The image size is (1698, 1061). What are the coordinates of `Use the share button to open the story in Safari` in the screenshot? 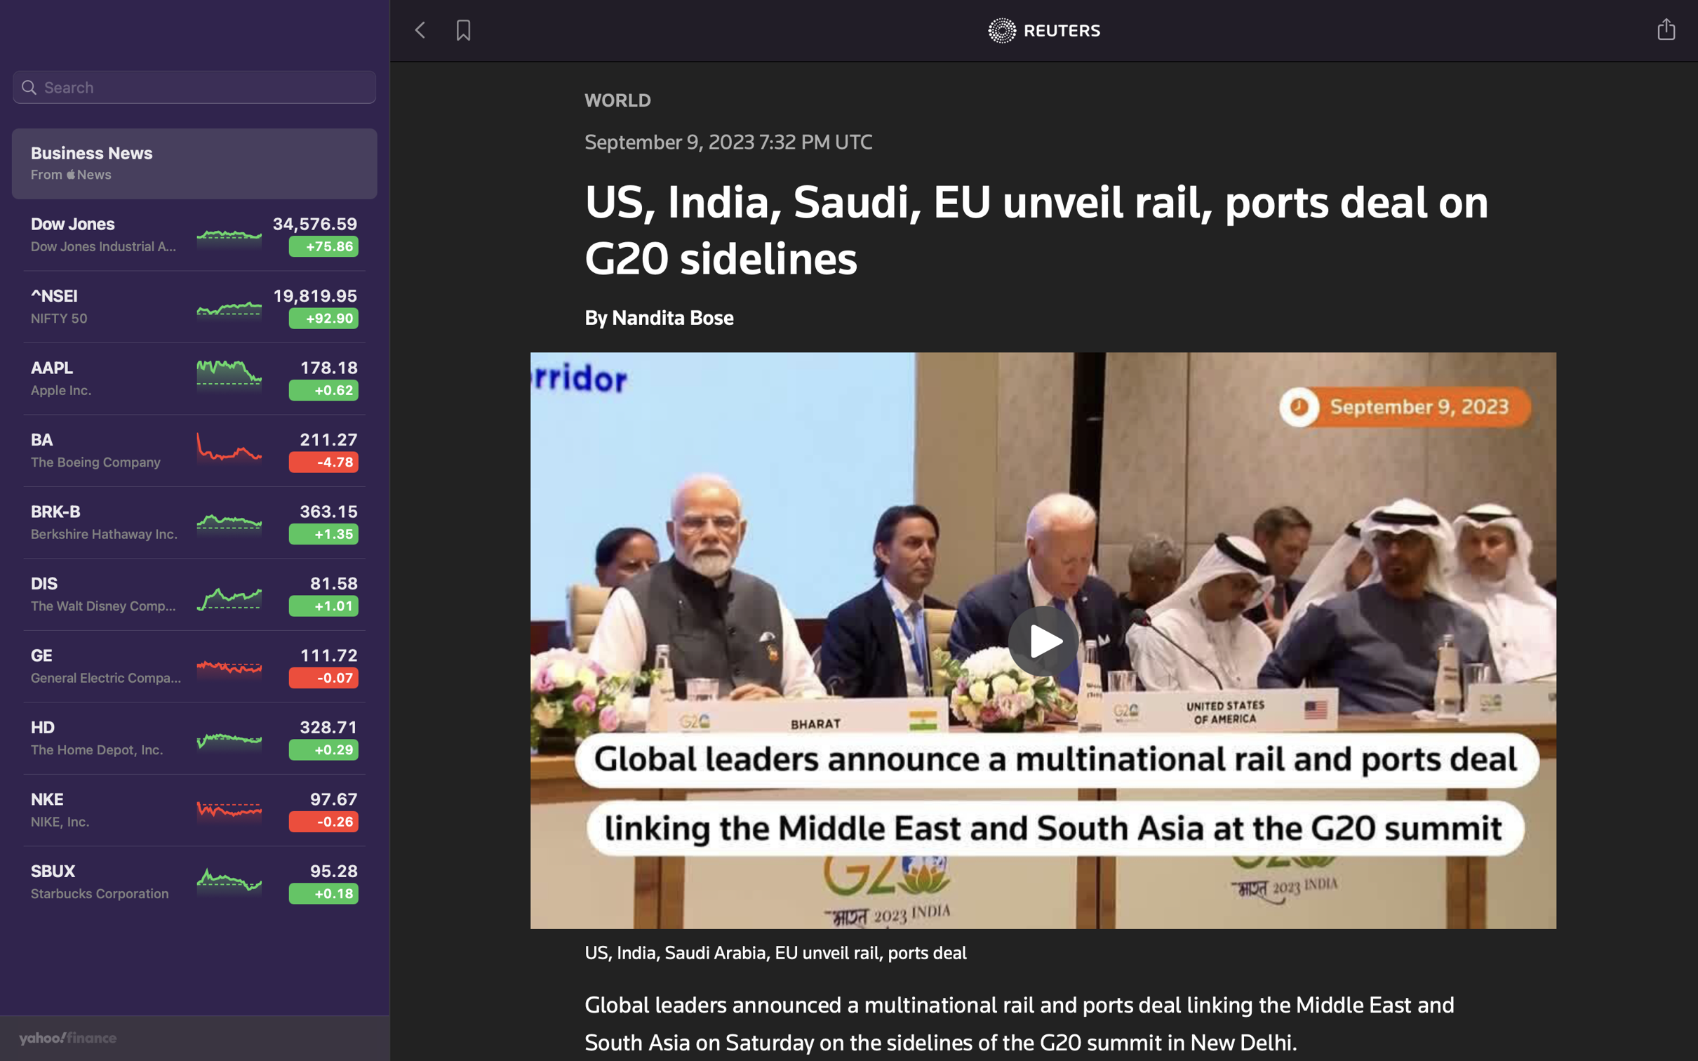 It's located at (1667, 27).